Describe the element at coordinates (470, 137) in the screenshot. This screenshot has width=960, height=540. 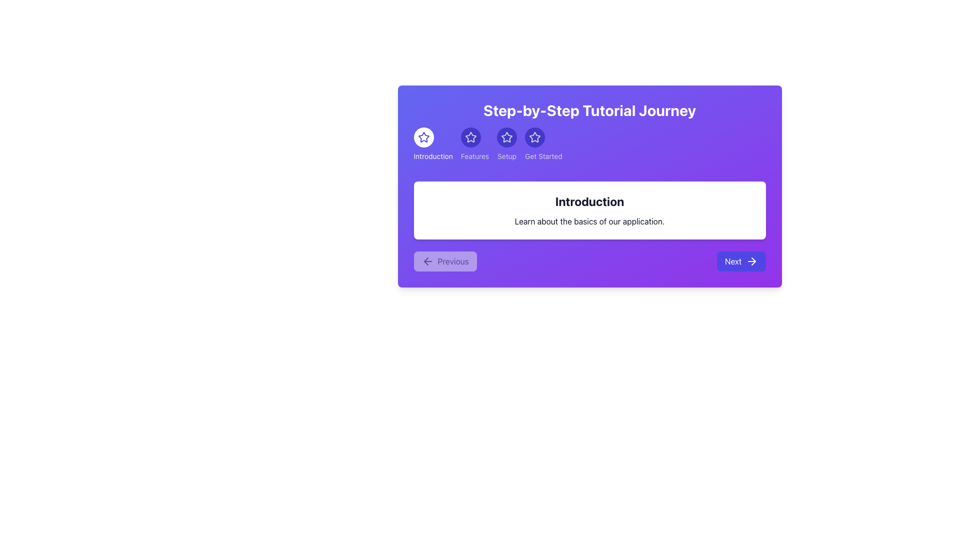
I see `the circular icon with a dark indigo background and a white outlined star in the center, located in the second position of the icons under the 'Features' label on the purple gradient header panel` at that location.